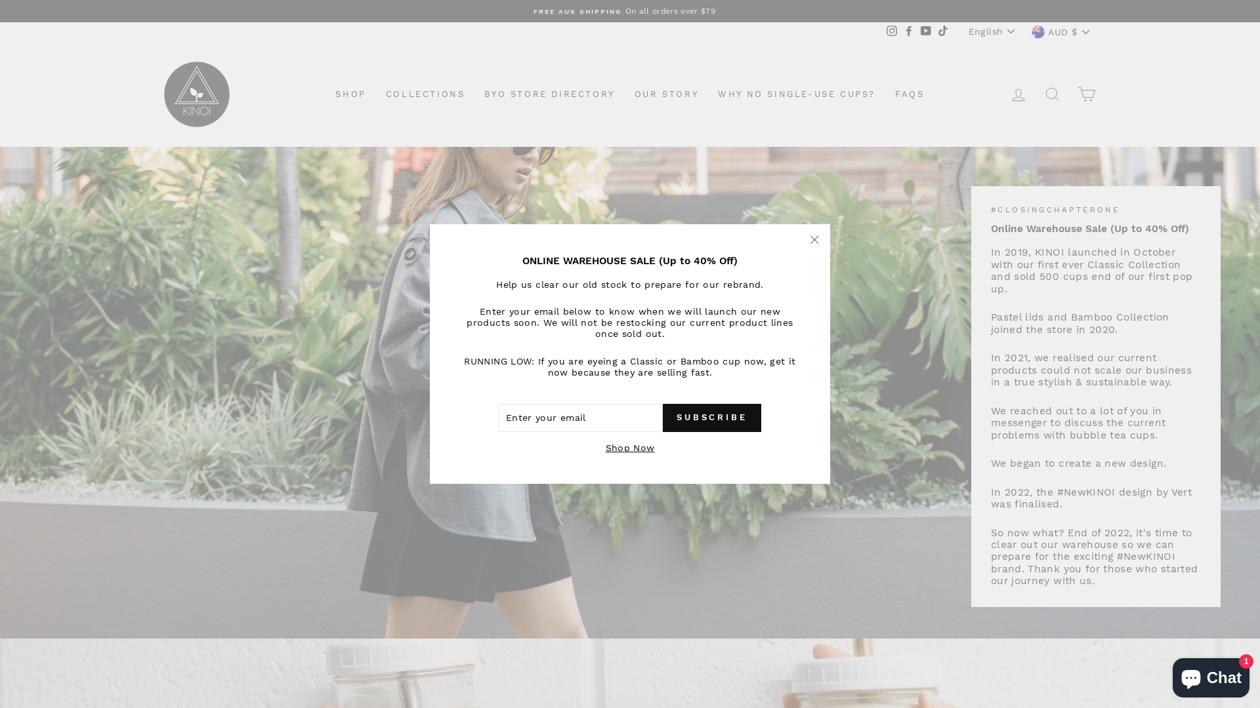 This screenshot has width=1260, height=708. Describe the element at coordinates (908, 31) in the screenshot. I see `'Facebook'` at that location.